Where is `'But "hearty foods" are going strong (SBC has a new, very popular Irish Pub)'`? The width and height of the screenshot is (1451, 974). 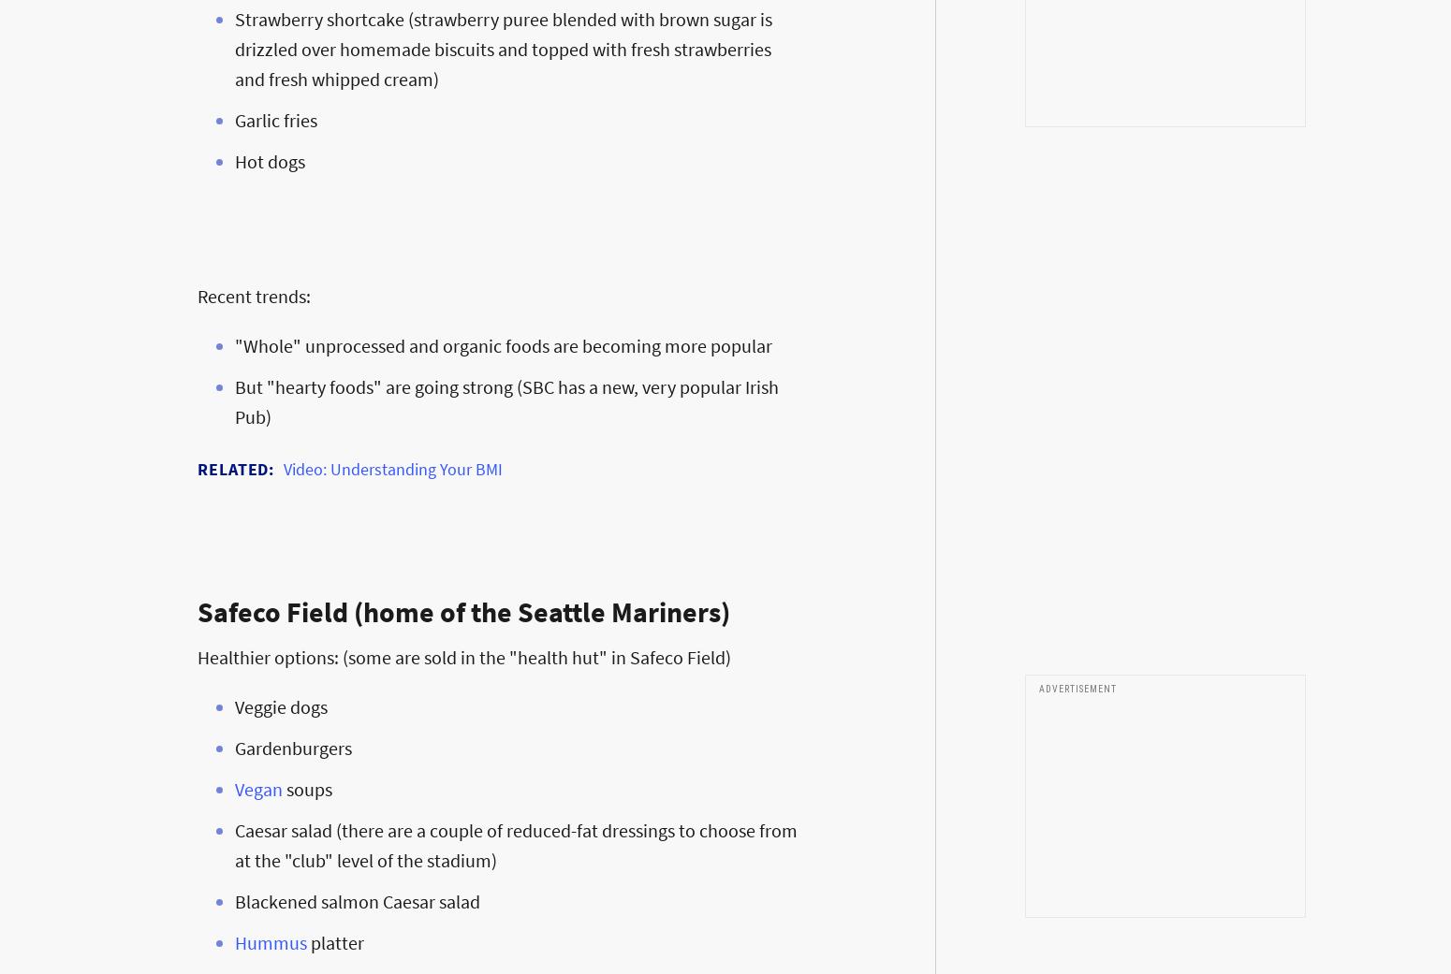 'But "hearty foods" are going strong (SBC has a new, very popular Irish Pub)' is located at coordinates (506, 400).